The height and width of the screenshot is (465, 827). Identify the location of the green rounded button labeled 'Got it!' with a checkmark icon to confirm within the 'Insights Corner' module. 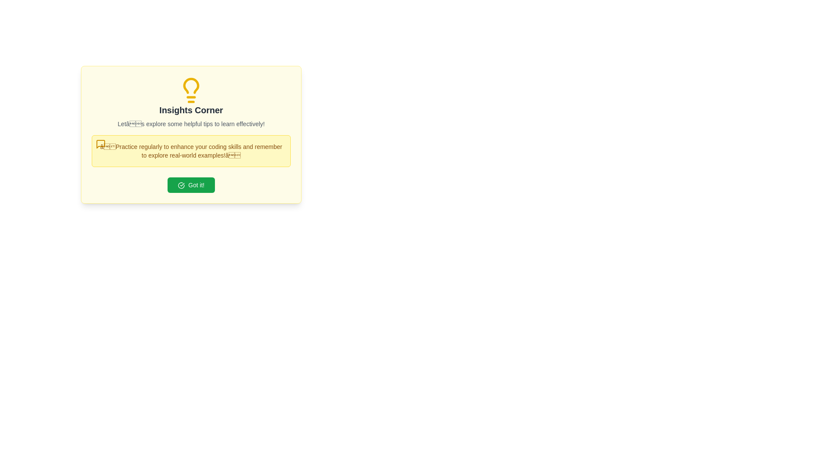
(190, 184).